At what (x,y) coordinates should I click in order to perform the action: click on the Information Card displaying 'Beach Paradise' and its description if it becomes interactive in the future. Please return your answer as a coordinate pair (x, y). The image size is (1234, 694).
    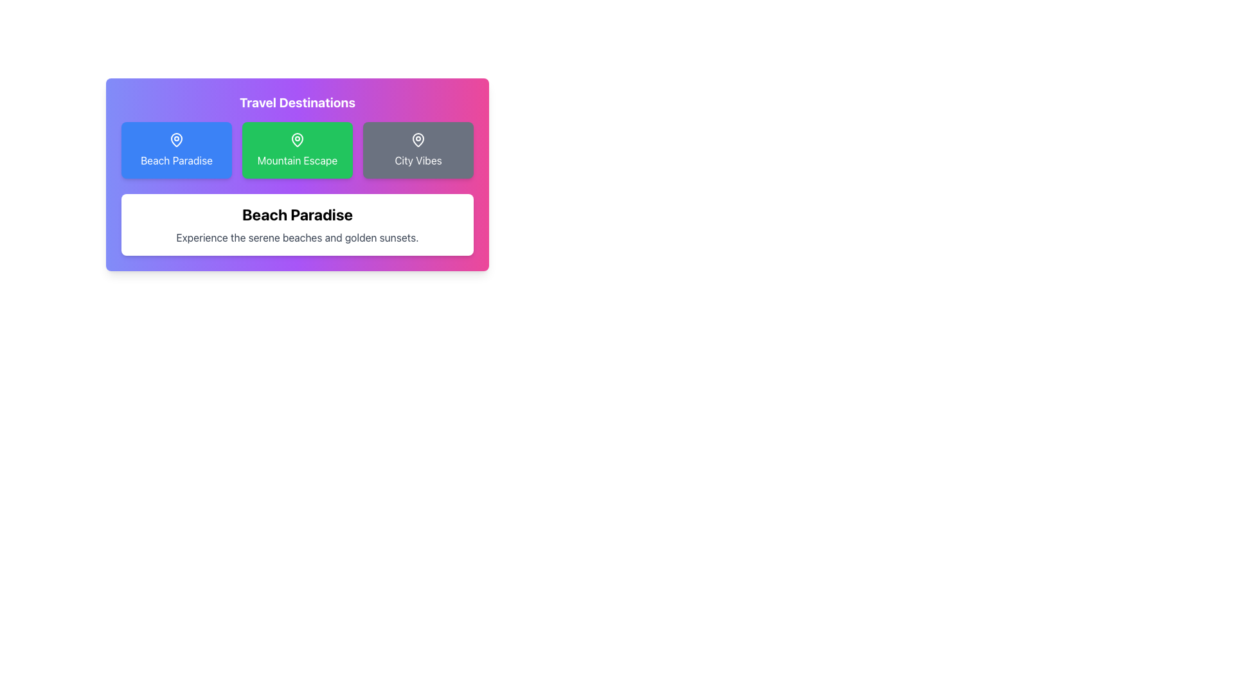
    Looking at the image, I should click on (296, 224).